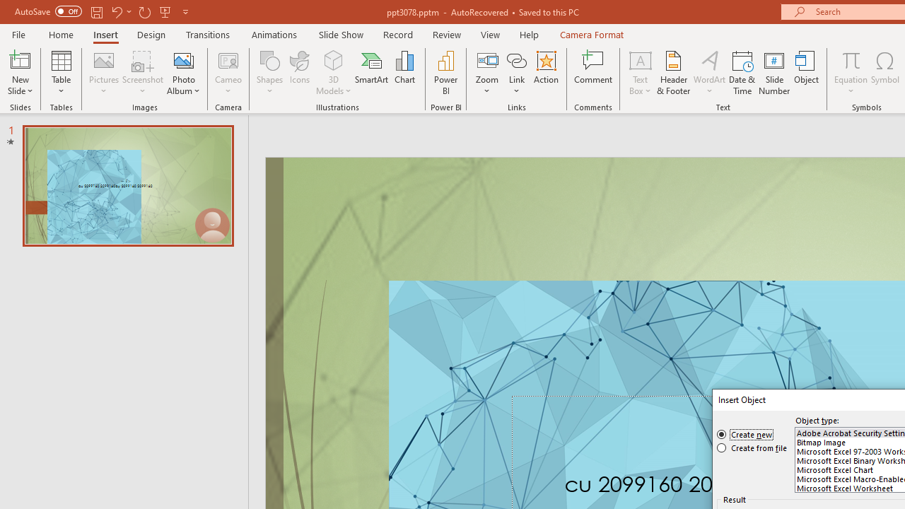 The height and width of the screenshot is (509, 905). I want to click on 'Camera Format', so click(592, 34).